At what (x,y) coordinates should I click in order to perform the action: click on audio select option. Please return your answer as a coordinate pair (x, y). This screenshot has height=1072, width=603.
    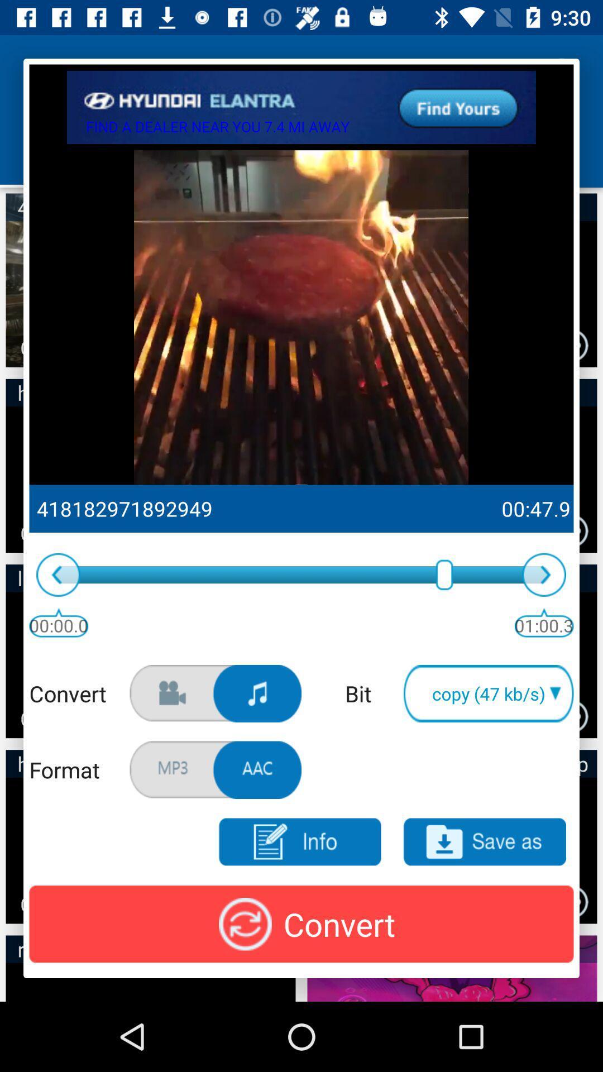
    Looking at the image, I should click on (257, 693).